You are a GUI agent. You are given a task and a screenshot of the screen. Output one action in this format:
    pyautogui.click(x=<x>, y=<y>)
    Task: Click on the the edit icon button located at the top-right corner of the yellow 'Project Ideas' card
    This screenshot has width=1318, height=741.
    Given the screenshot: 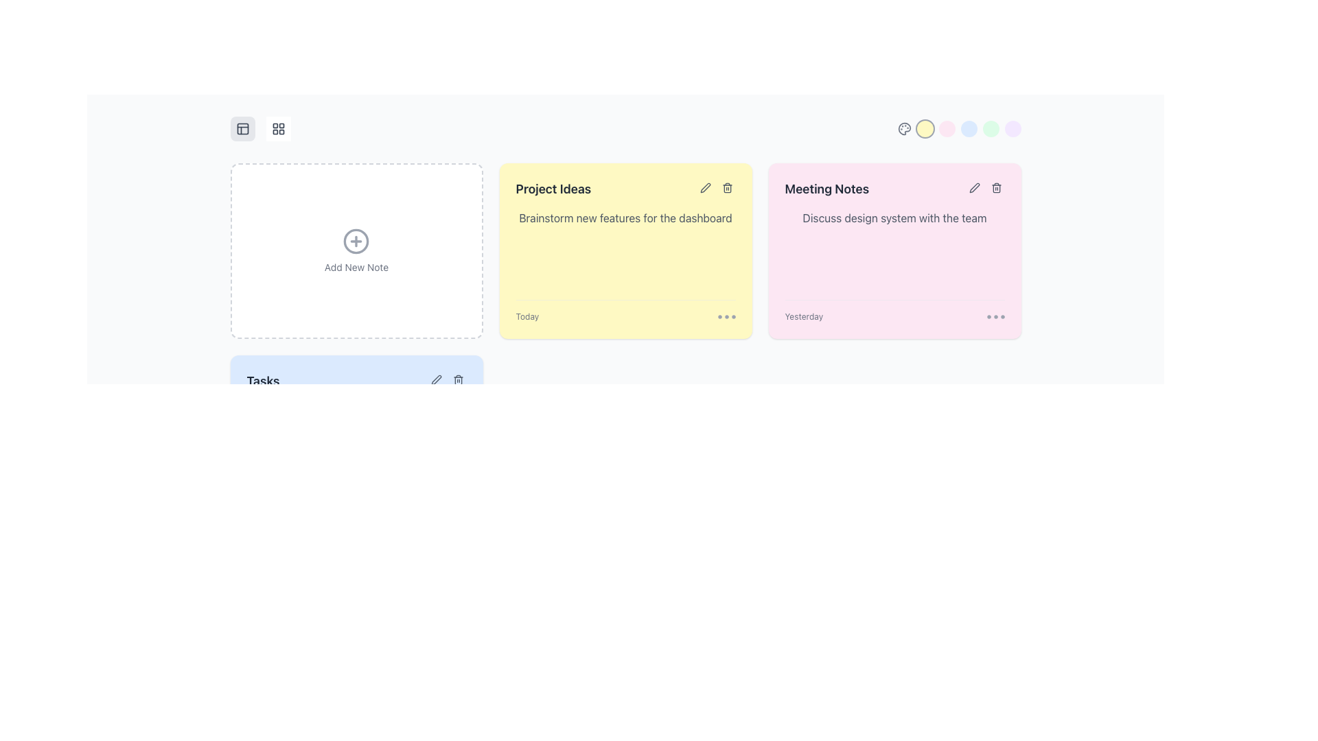 What is the action you would take?
    pyautogui.click(x=705, y=187)
    